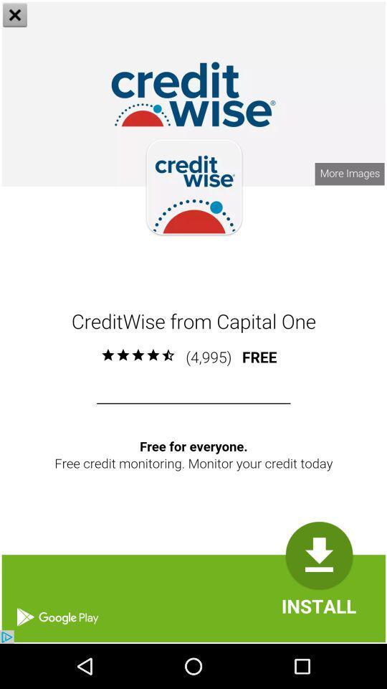 This screenshot has height=689, width=387. I want to click on the close icon, so click(14, 15).